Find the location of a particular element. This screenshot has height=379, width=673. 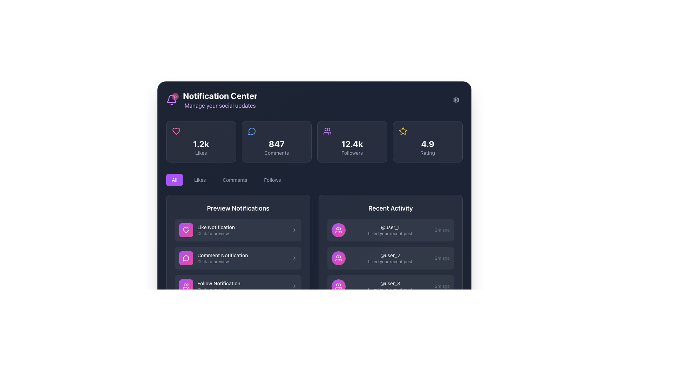

the Information display block featuring a dark purple background, a light pink heart icon, bold white text '1.2k', and smaller gray text 'Likes' is located at coordinates (200, 142).